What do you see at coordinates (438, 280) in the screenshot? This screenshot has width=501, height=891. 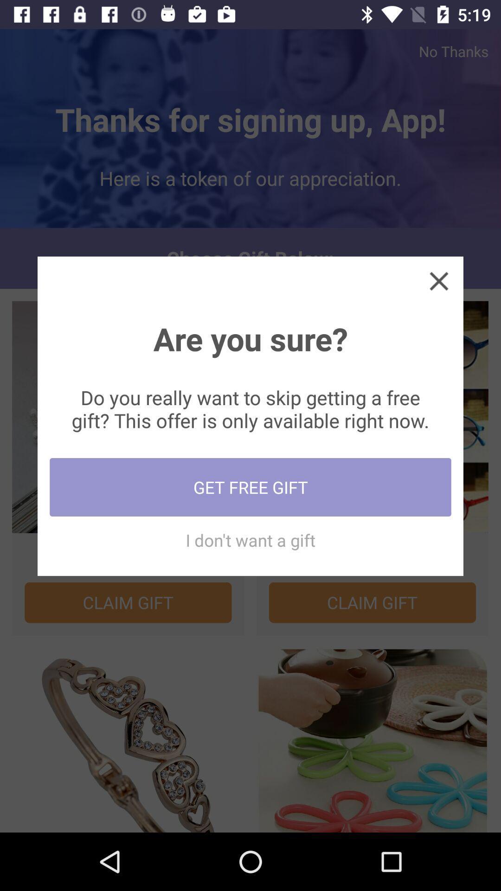 I see `go close` at bounding box center [438, 280].